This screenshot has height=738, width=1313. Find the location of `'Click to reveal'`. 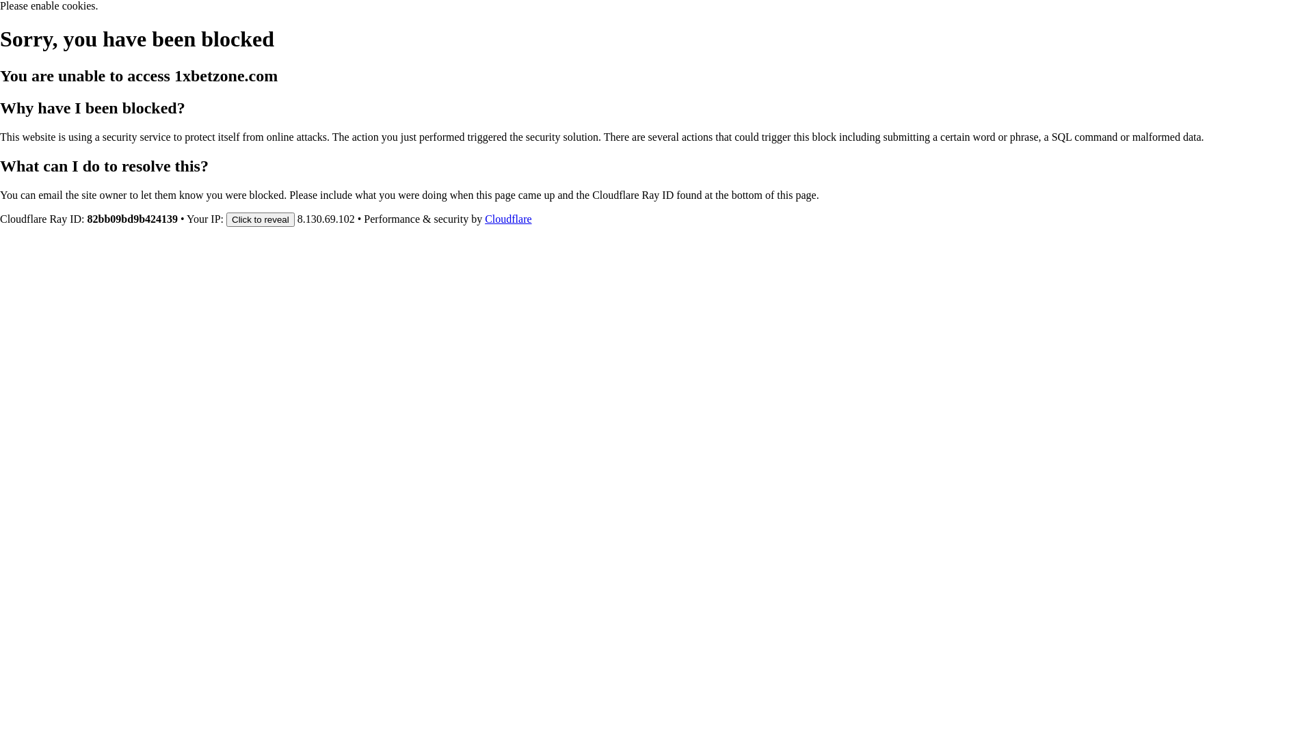

'Click to reveal' is located at coordinates (260, 218).